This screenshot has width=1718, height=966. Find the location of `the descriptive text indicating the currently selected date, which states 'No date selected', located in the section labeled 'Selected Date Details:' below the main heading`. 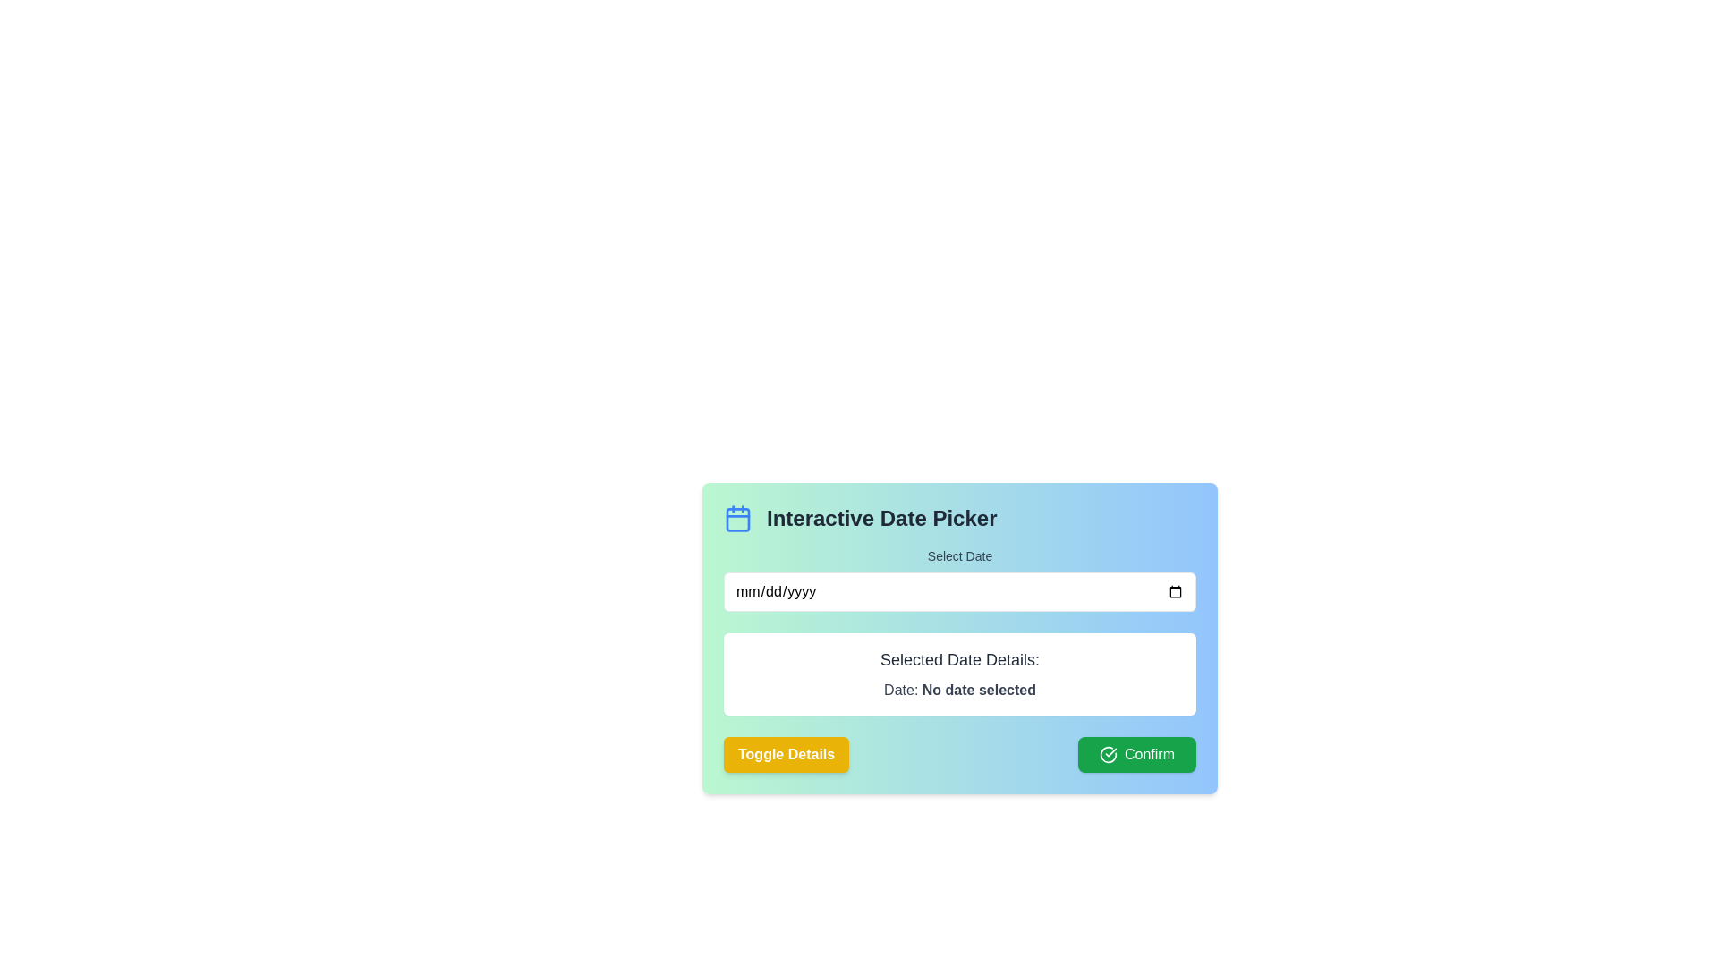

the descriptive text indicating the currently selected date, which states 'No date selected', located in the section labeled 'Selected Date Details:' below the main heading is located at coordinates (959, 689).